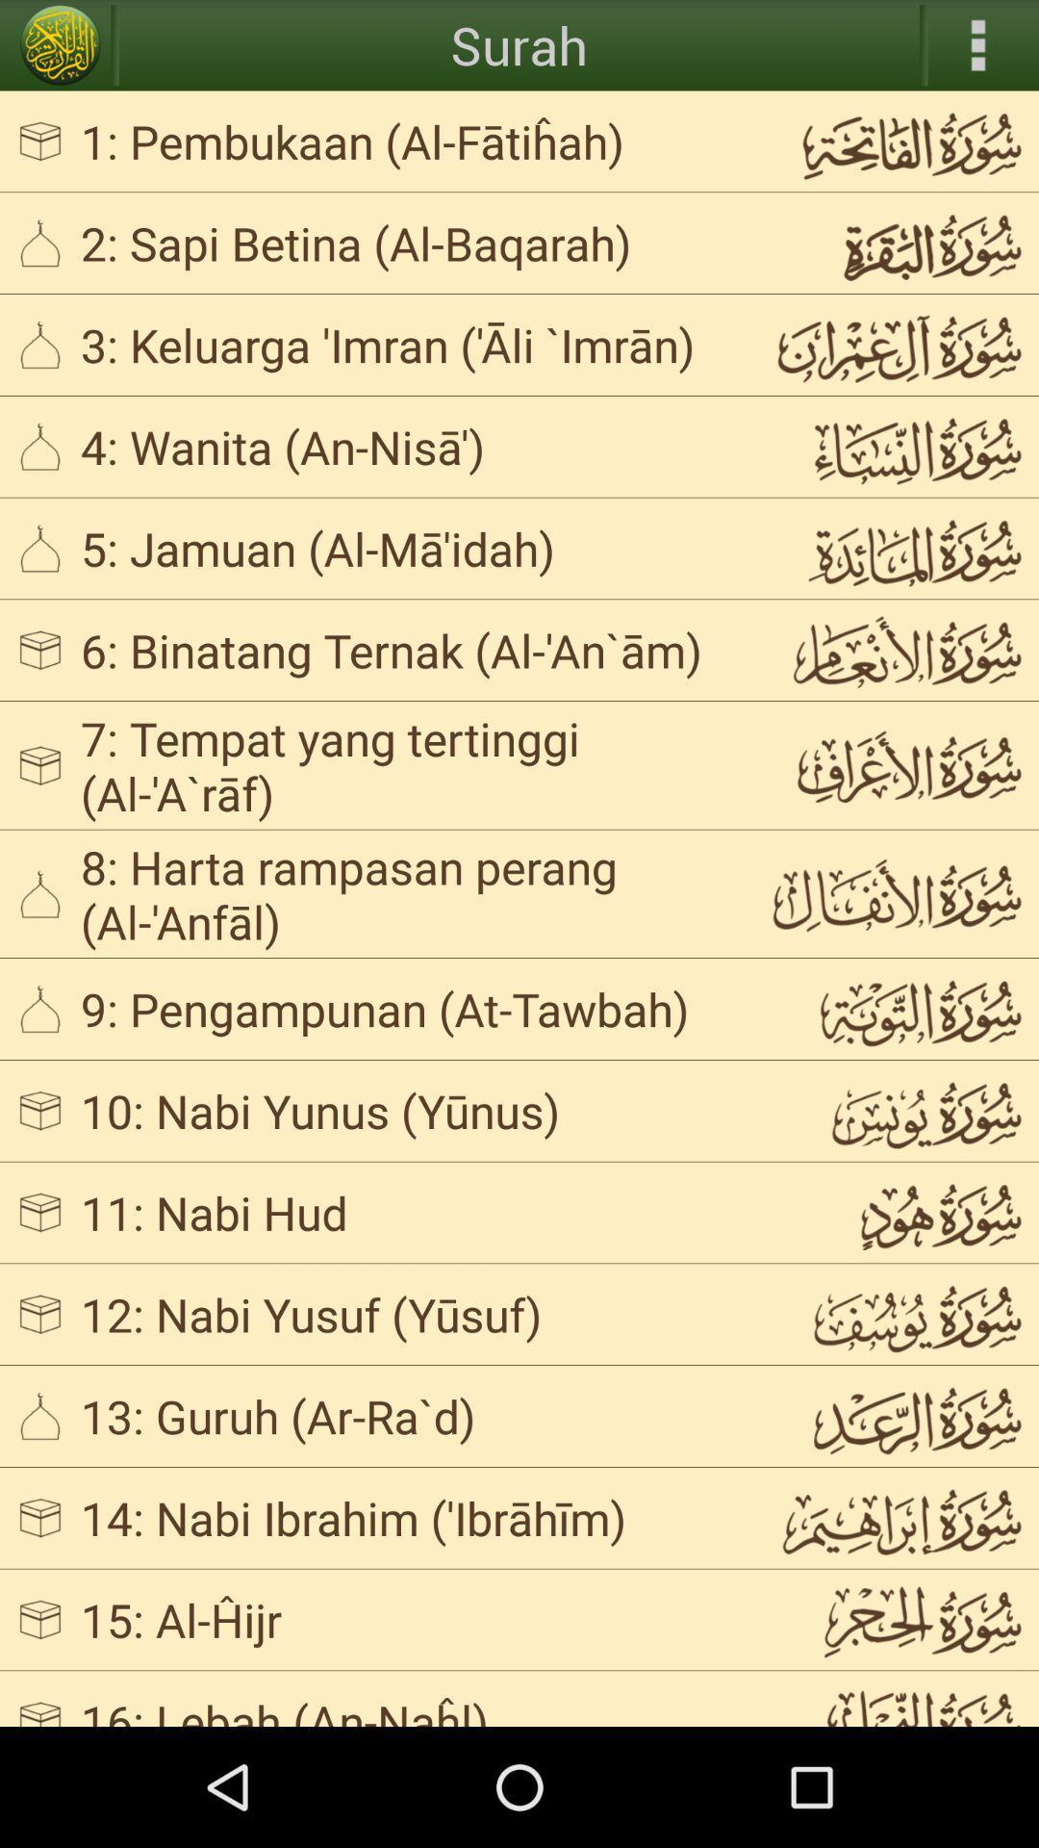 Image resolution: width=1039 pixels, height=1848 pixels. I want to click on the 6 binatang ternak icon, so click(408, 650).